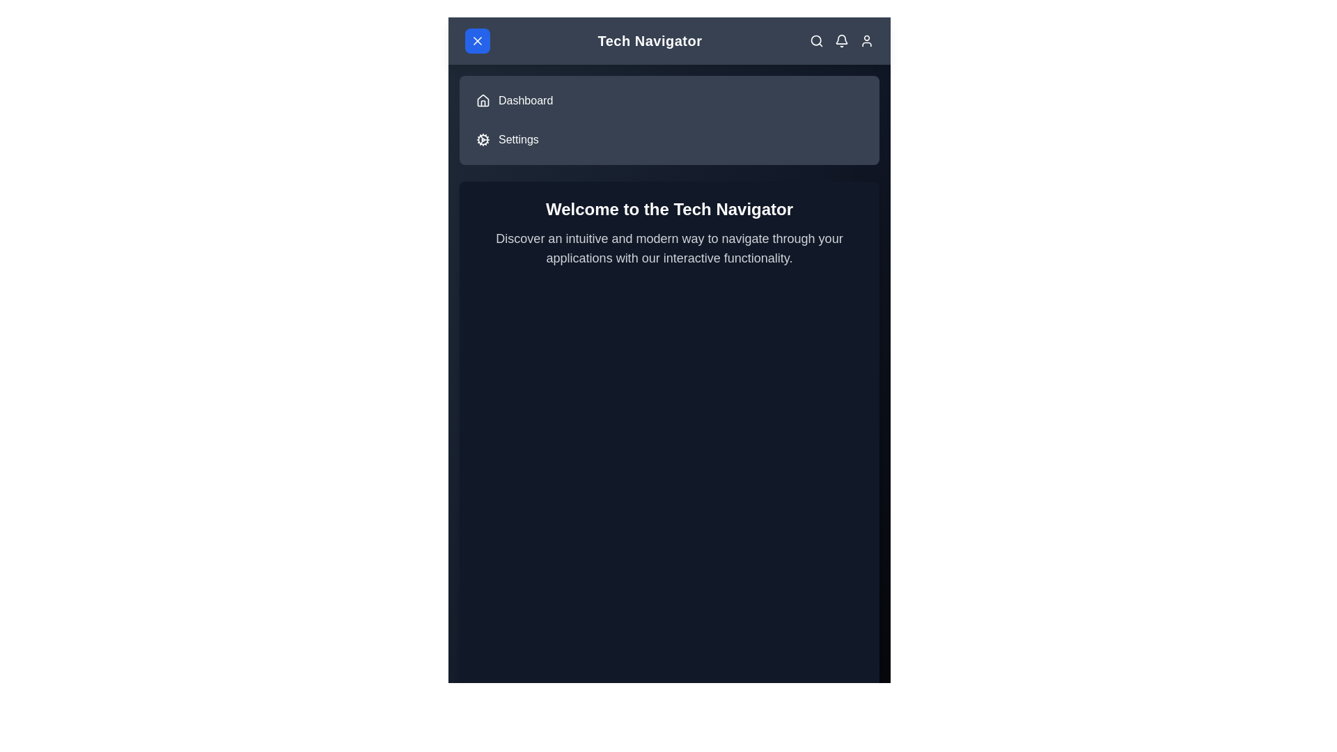  What do you see at coordinates (669, 139) in the screenshot?
I see `the menu item Settings to observe its hover effect` at bounding box center [669, 139].